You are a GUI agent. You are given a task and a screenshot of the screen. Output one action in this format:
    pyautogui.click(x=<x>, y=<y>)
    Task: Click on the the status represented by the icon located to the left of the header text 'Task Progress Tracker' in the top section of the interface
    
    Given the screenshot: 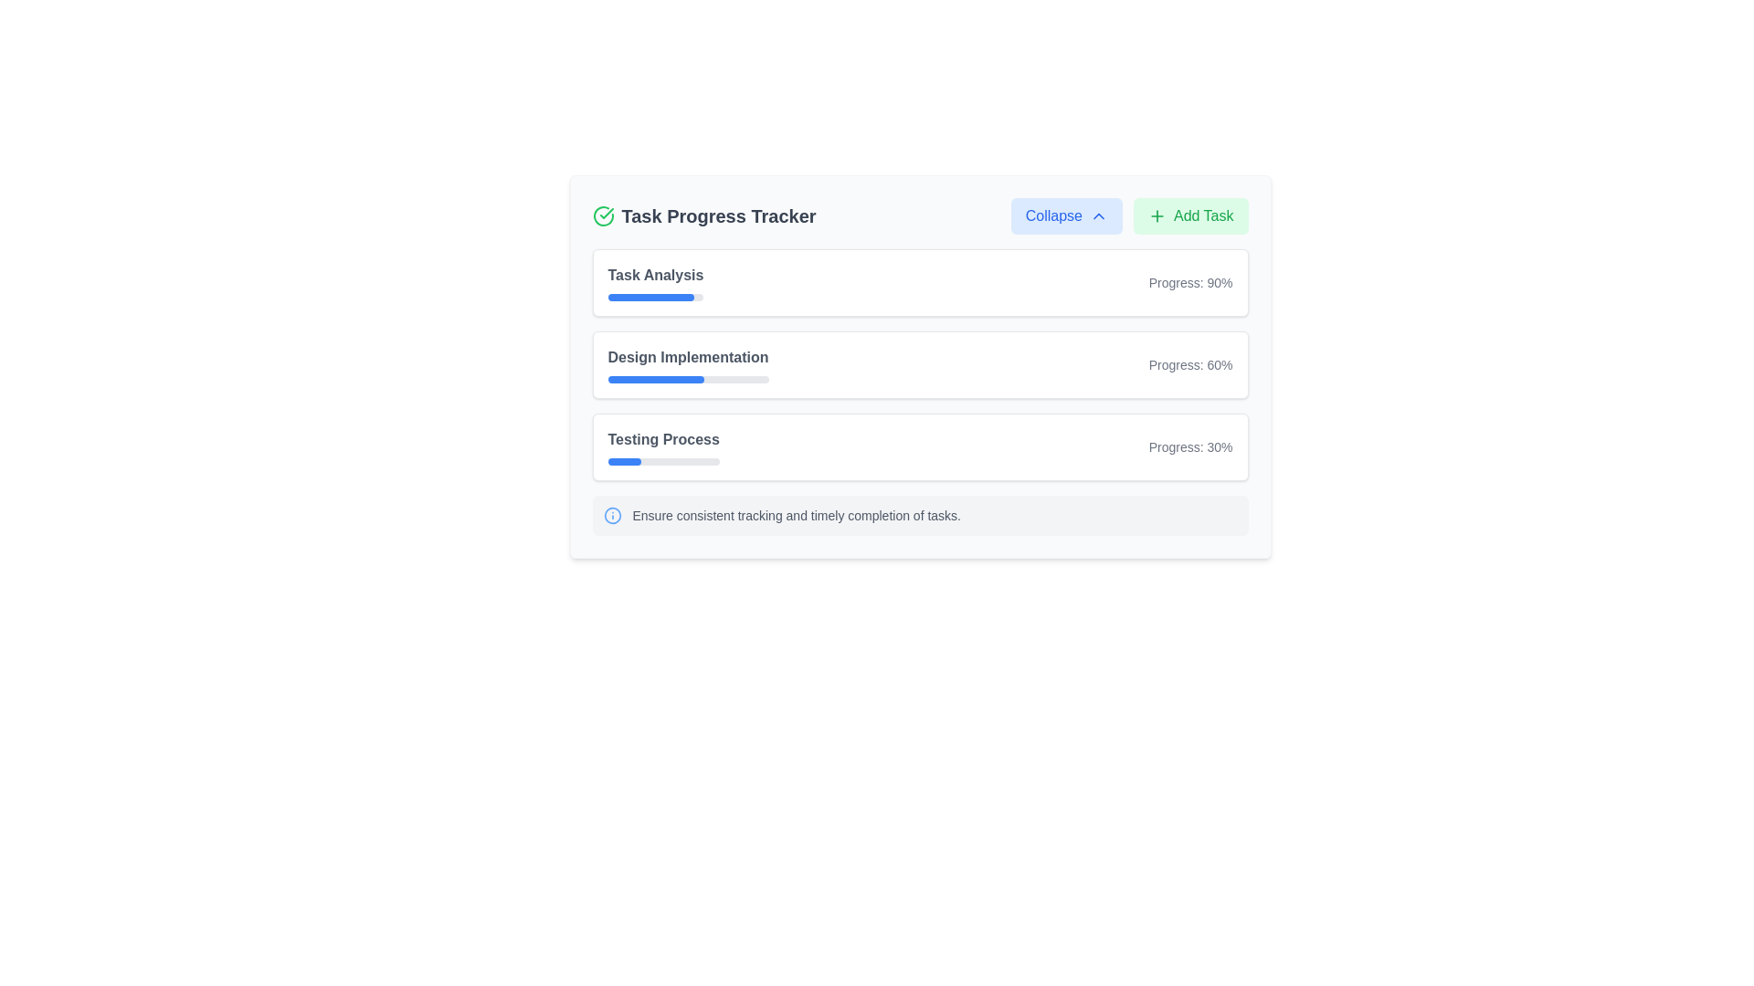 What is the action you would take?
    pyautogui.click(x=603, y=215)
    